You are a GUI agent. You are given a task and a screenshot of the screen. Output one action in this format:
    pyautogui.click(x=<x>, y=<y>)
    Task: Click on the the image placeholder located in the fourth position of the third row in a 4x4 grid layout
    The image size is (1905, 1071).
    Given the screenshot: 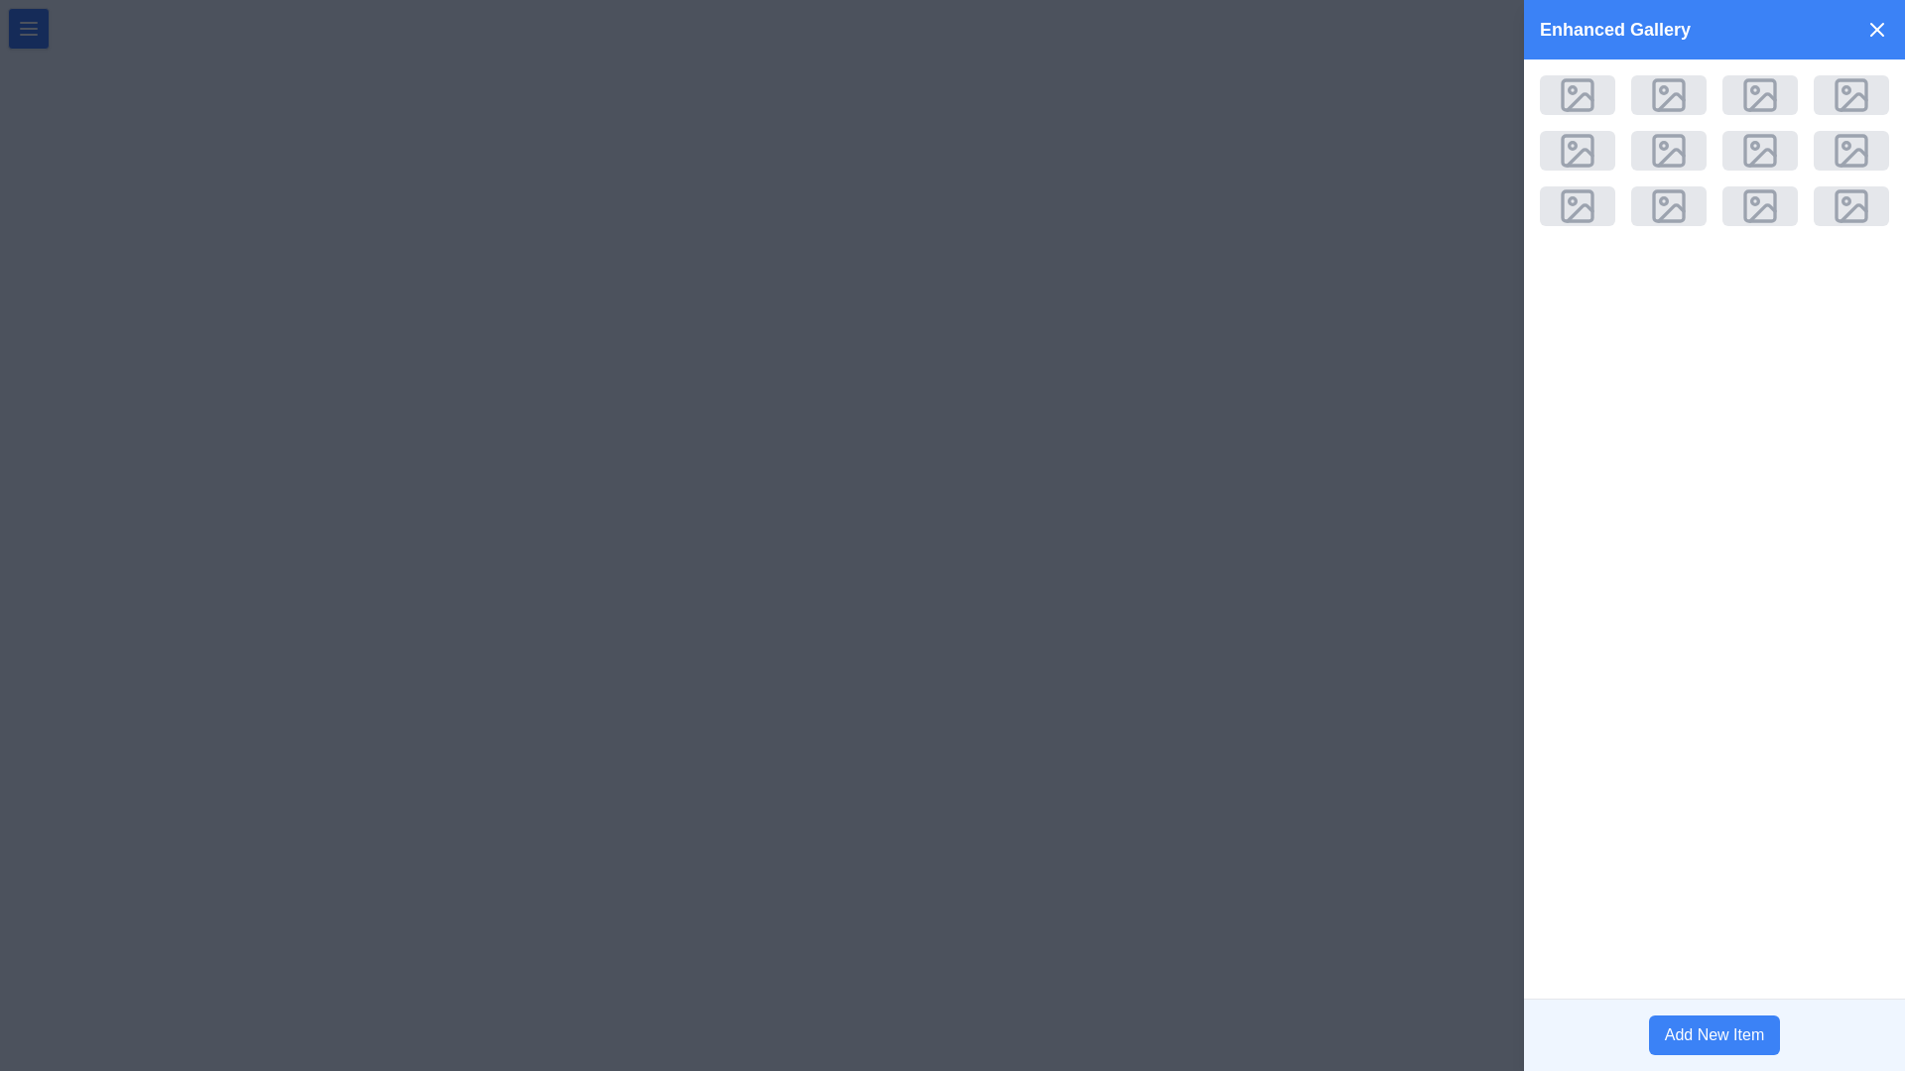 What is the action you would take?
    pyautogui.click(x=1760, y=149)
    